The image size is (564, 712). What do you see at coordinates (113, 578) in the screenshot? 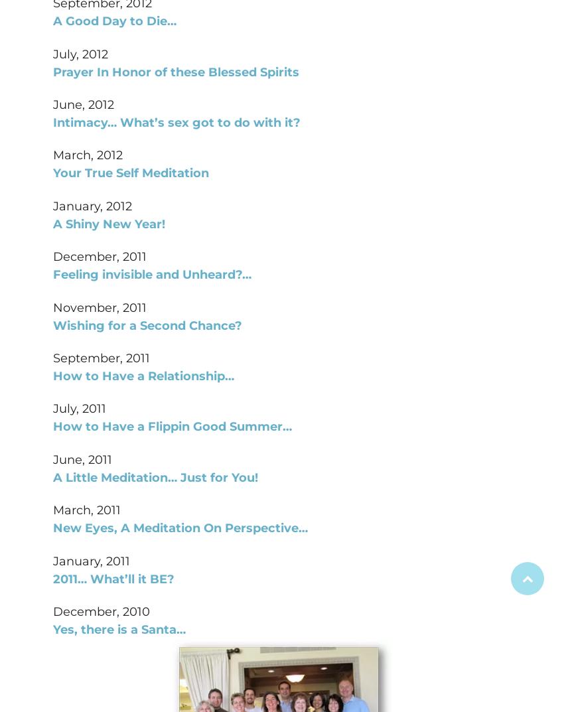
I see `'2011… What’ll it BE?'` at bounding box center [113, 578].